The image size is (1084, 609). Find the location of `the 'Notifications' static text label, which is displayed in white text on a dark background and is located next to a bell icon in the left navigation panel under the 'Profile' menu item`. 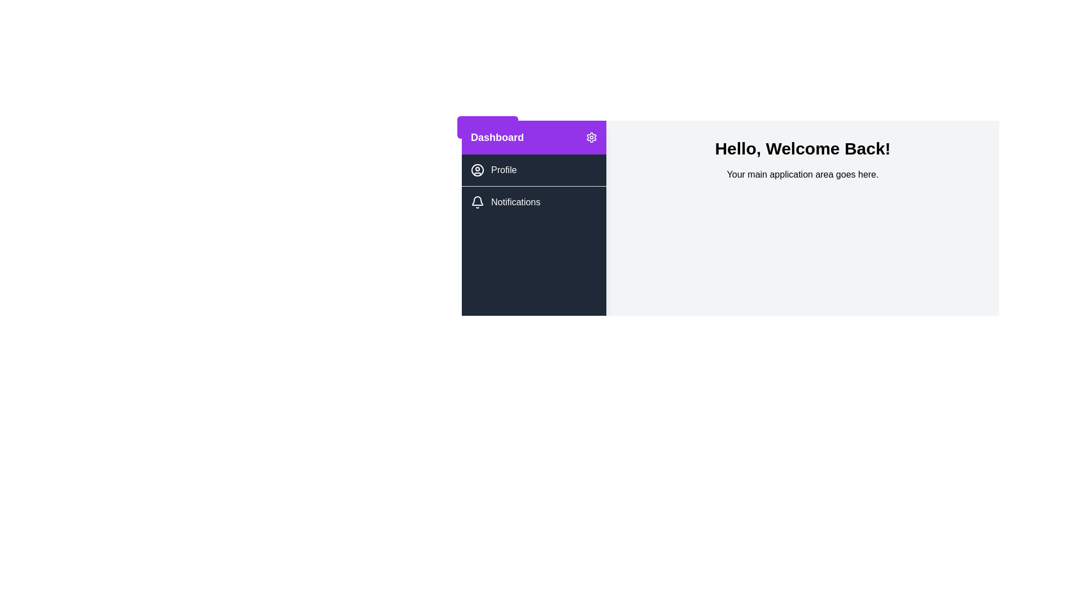

the 'Notifications' static text label, which is displayed in white text on a dark background and is located next to a bell icon in the left navigation panel under the 'Profile' menu item is located at coordinates (515, 201).